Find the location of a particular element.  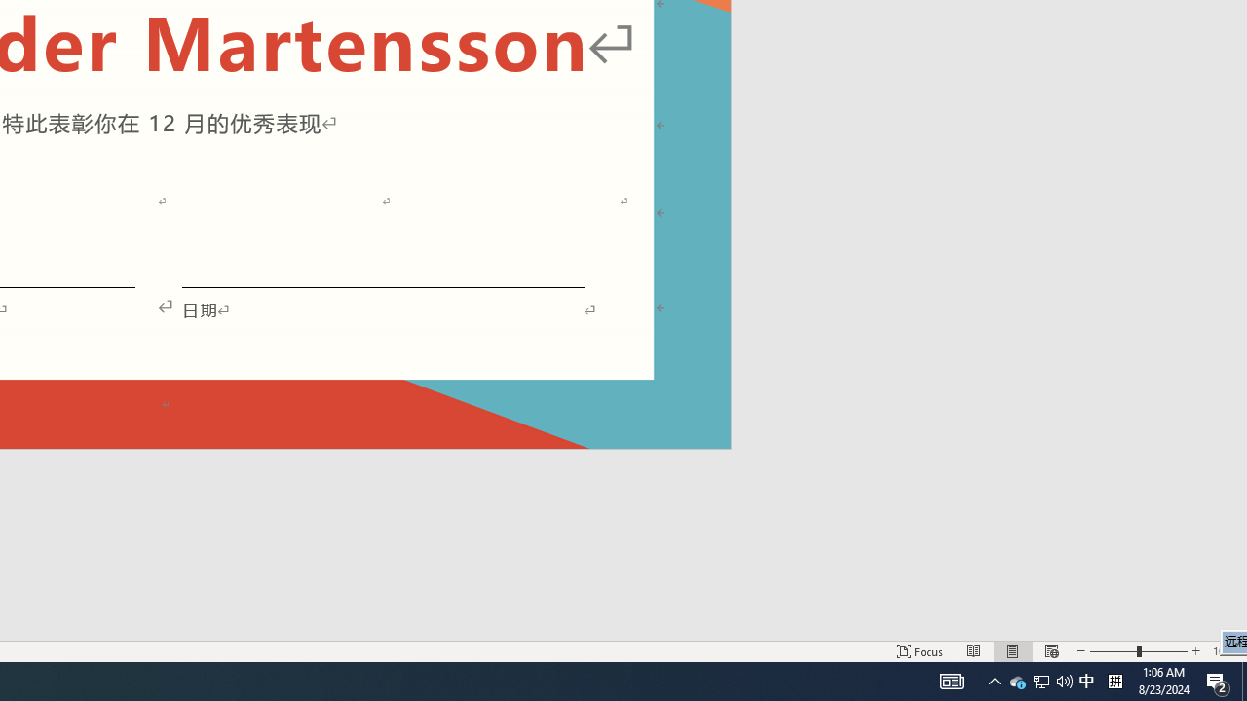

'Zoom 104%' is located at coordinates (1225, 651).